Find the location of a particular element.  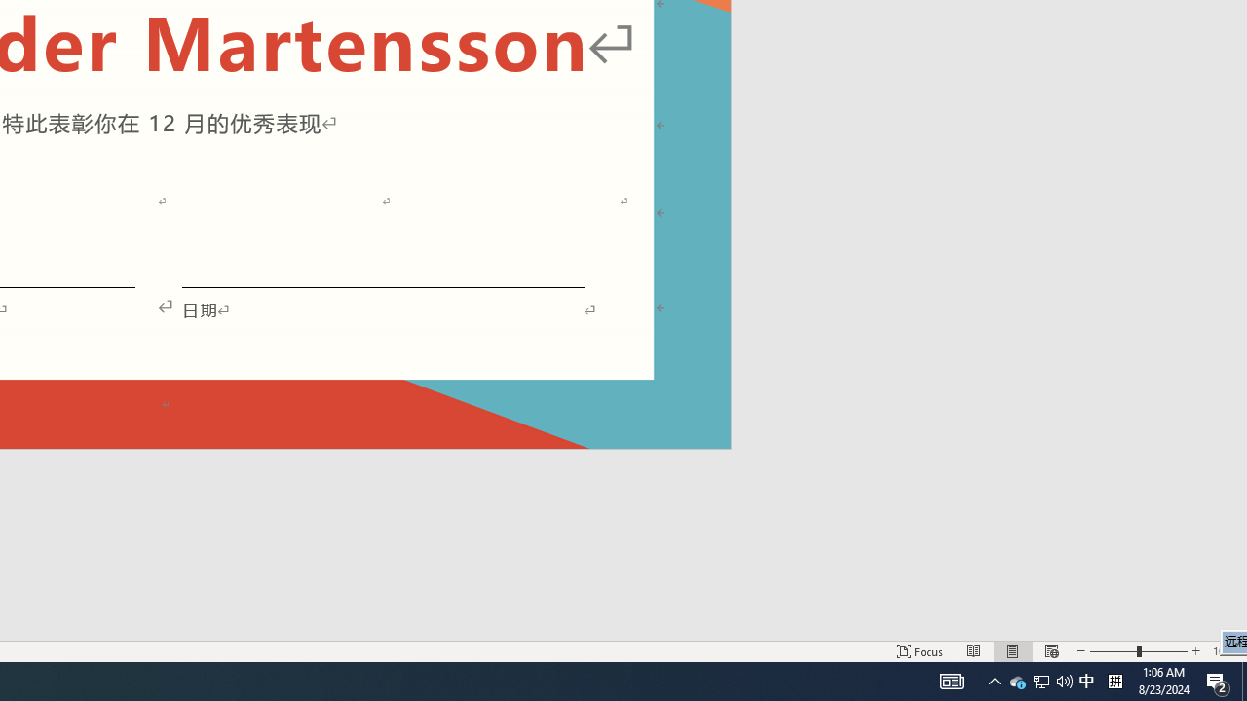

'Zoom 104%' is located at coordinates (1225, 651).